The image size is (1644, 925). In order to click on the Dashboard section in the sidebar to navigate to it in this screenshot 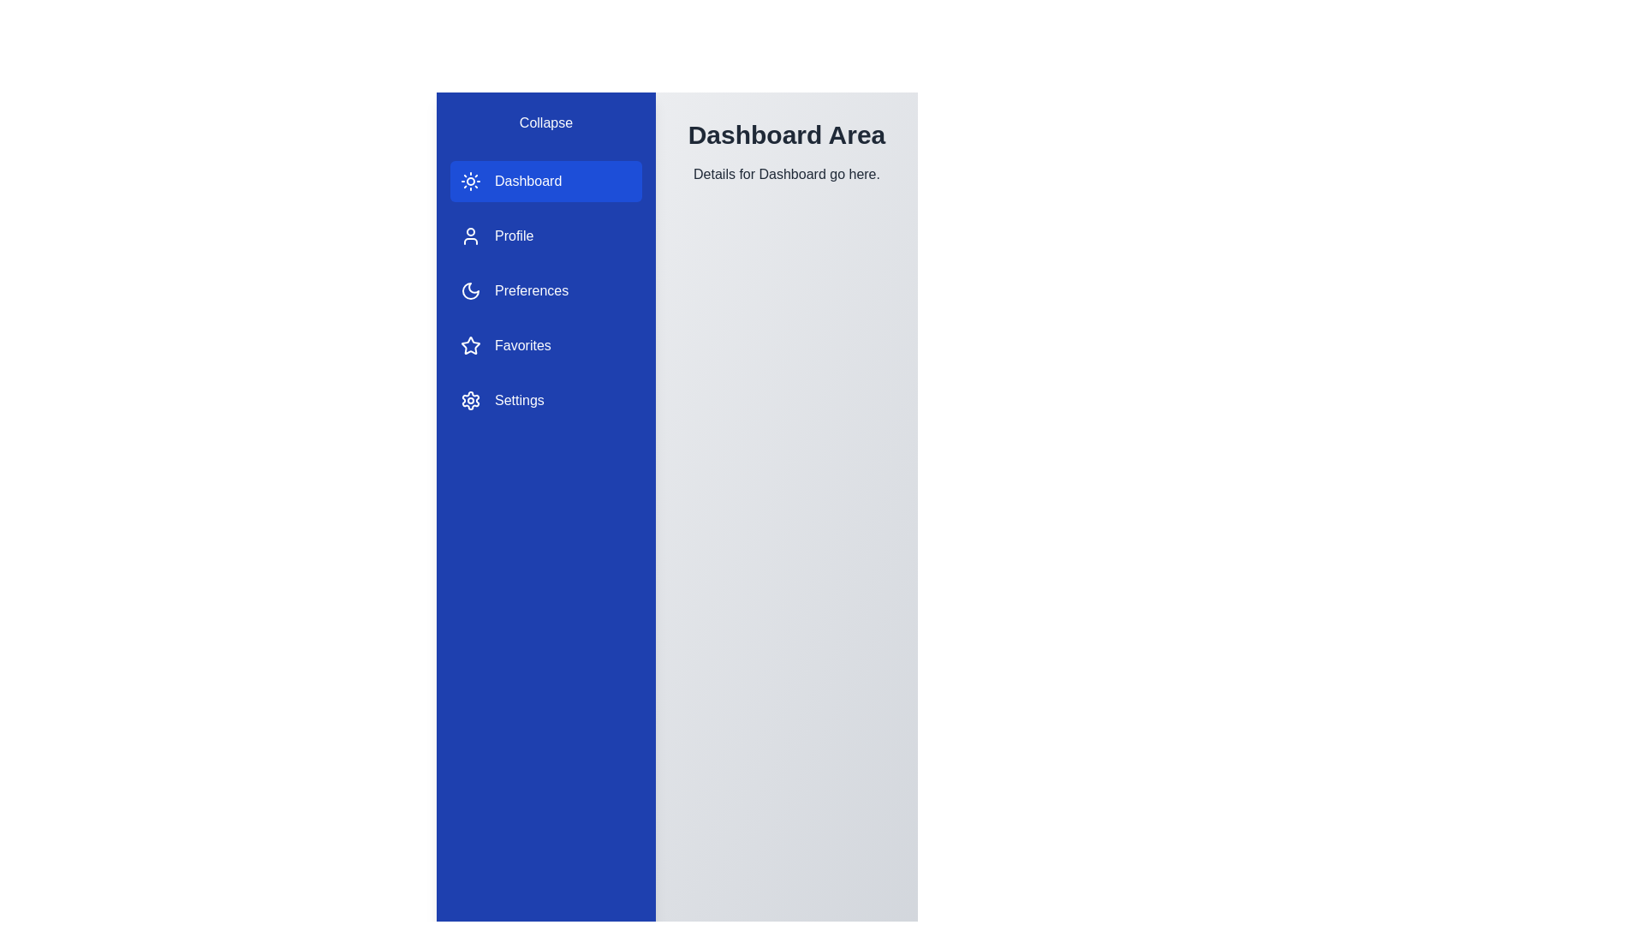, I will do `click(545, 182)`.